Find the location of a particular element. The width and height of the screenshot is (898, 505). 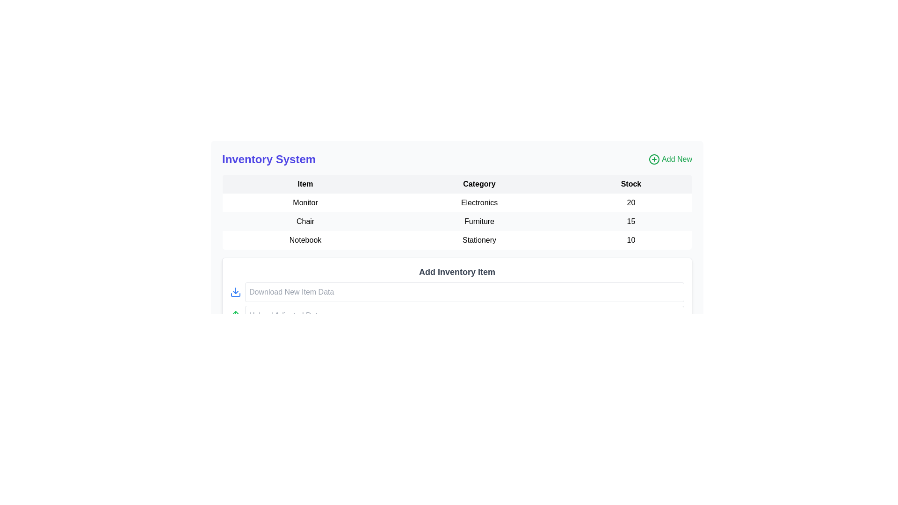

the circular visual component that serves as the background for the 'Add New' button icon located at the top right of the interface is located at coordinates (654, 159).